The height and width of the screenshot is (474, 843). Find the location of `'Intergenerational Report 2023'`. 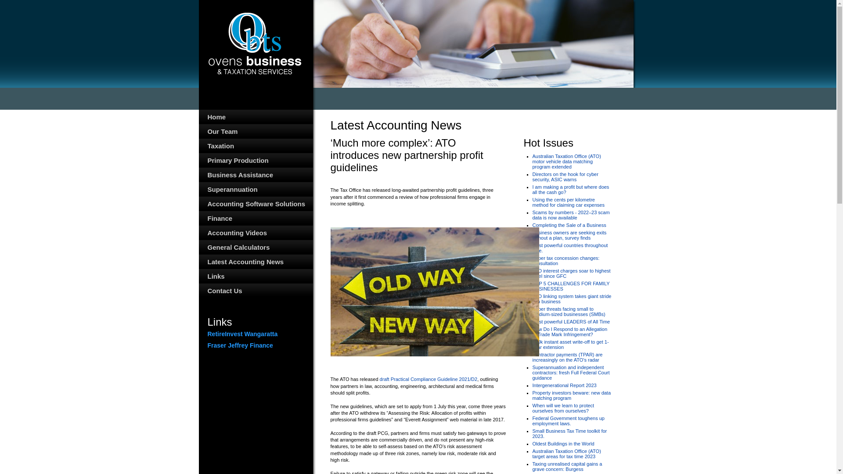

'Intergenerational Report 2023' is located at coordinates (564, 385).